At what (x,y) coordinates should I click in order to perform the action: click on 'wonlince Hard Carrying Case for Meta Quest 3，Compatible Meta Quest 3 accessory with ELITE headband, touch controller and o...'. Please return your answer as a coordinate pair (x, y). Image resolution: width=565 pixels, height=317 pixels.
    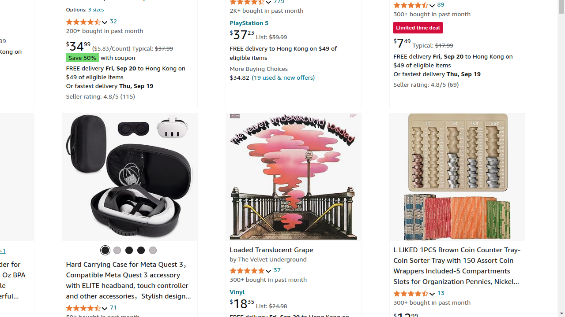
    Looking at the image, I should click on (129, 177).